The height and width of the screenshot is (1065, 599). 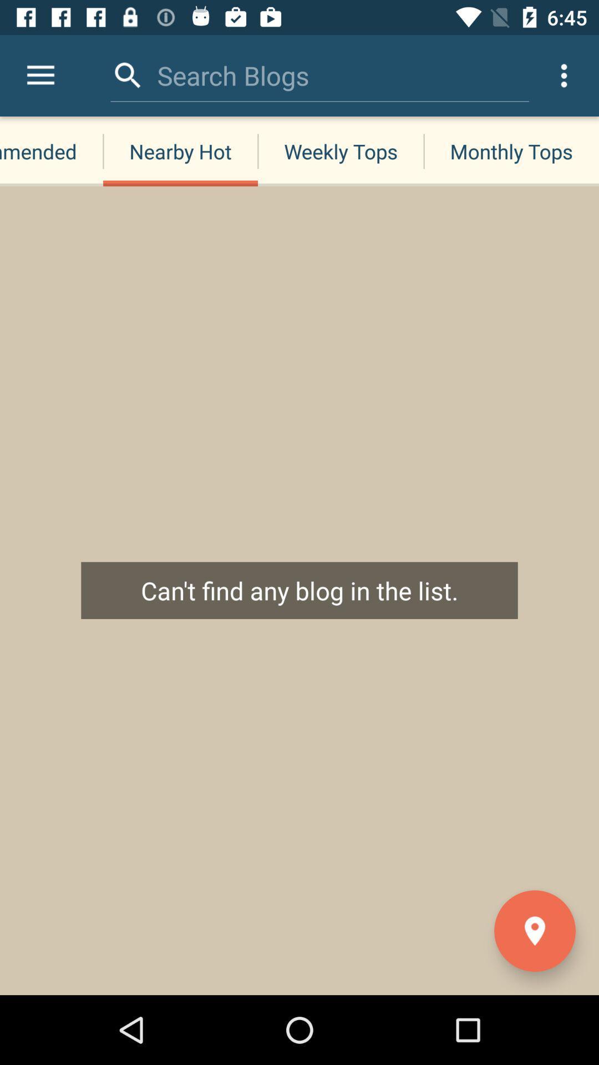 I want to click on the top right corner icon, so click(x=564, y=75).